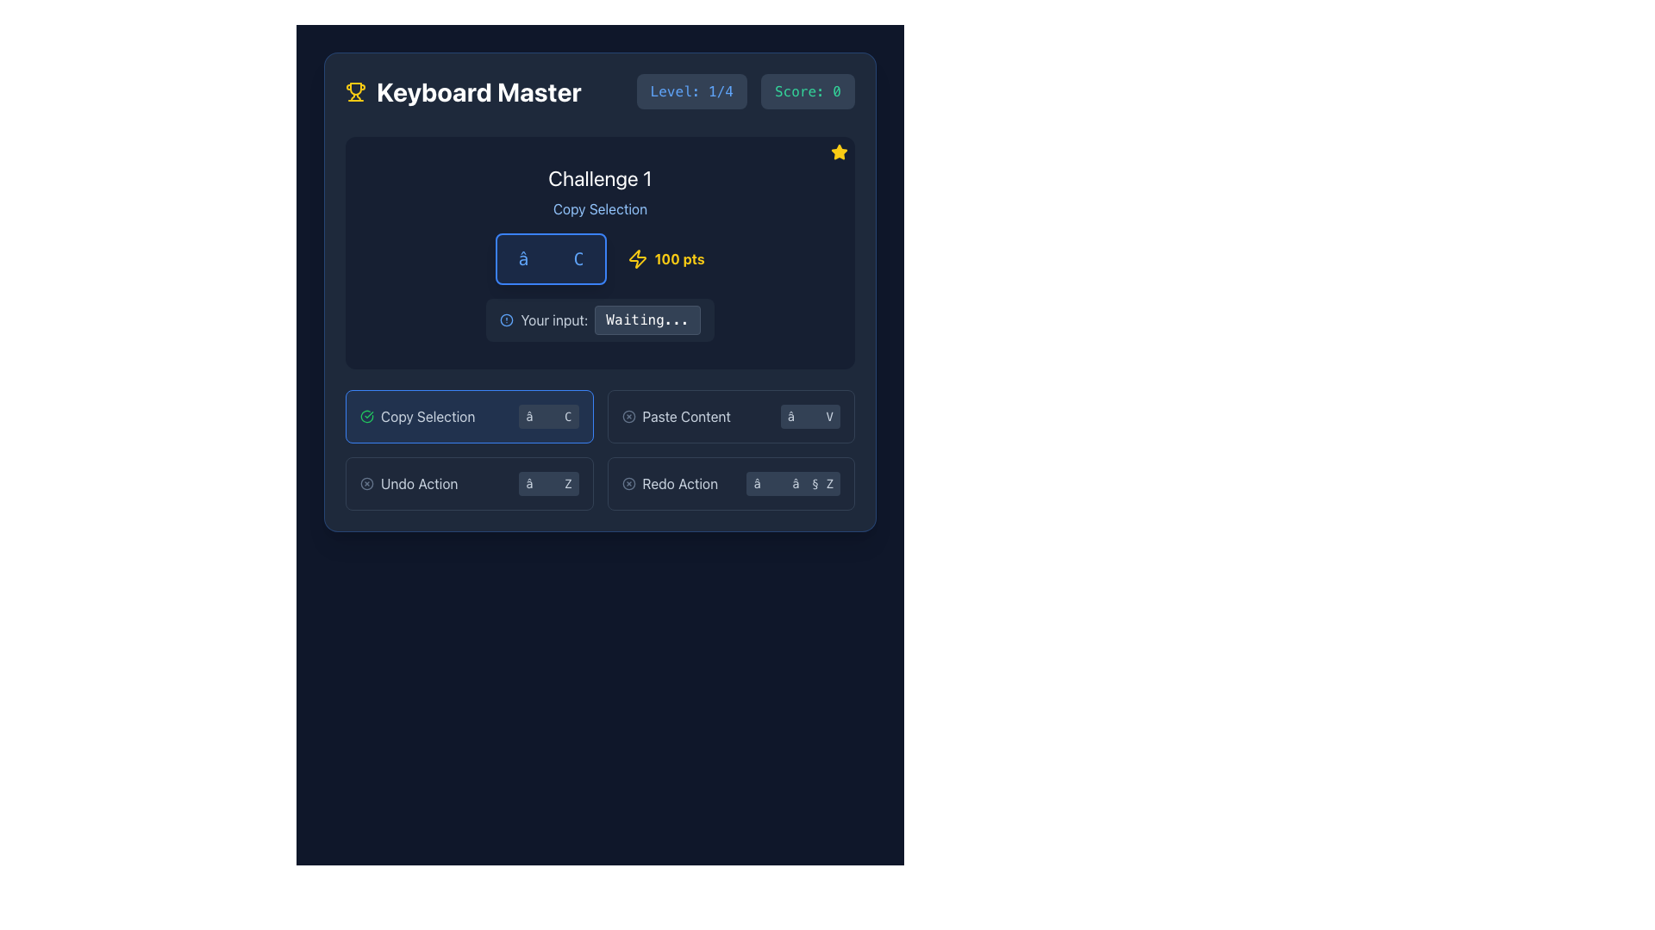 This screenshot has height=930, width=1655. Describe the element at coordinates (354, 91) in the screenshot. I see `the yellow trophy-shaped icon located next to the text 'Keyboard Master' in the top-left area of the interface` at that location.